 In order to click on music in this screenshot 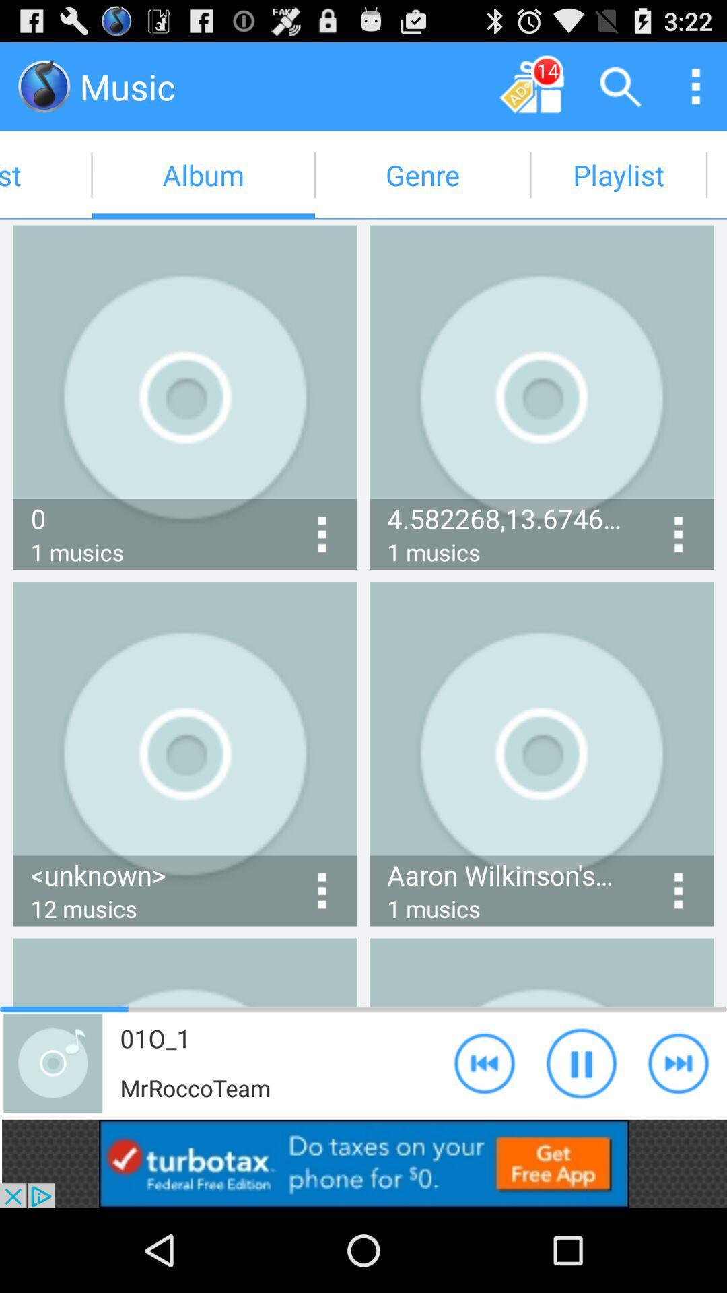, I will do `click(43, 86)`.